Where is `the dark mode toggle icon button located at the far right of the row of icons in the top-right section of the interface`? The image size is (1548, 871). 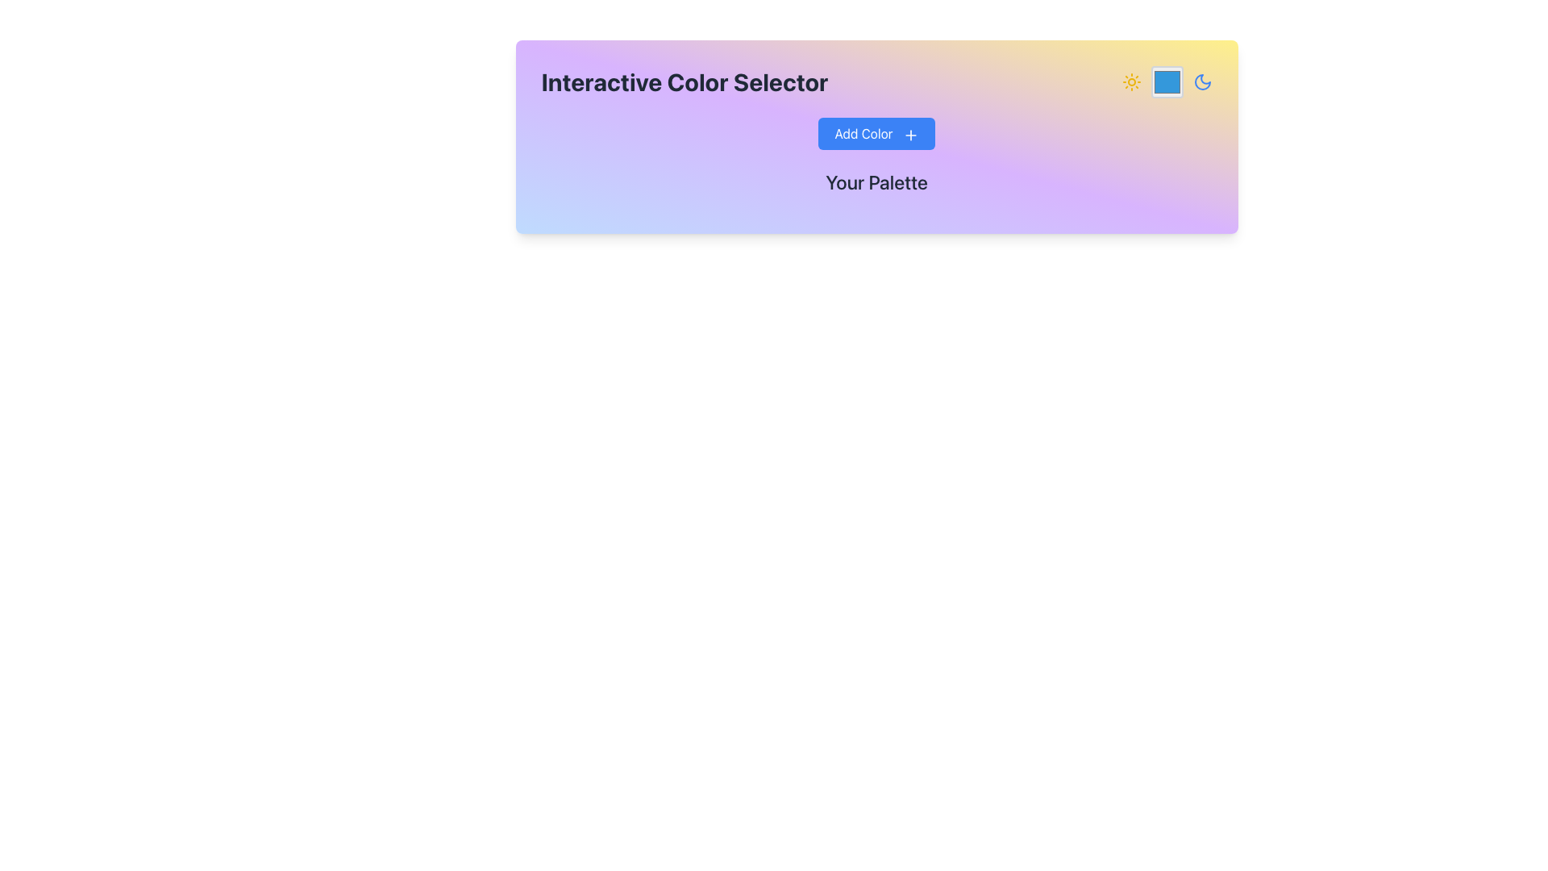 the dark mode toggle icon button located at the far right of the row of icons in the top-right section of the interface is located at coordinates (1202, 81).